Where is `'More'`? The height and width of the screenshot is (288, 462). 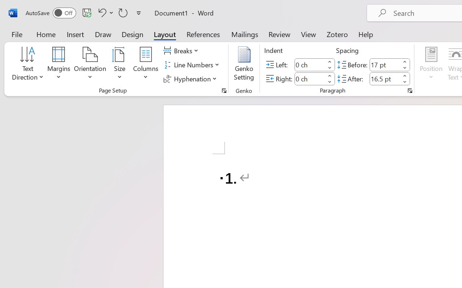 'More' is located at coordinates (405, 76).